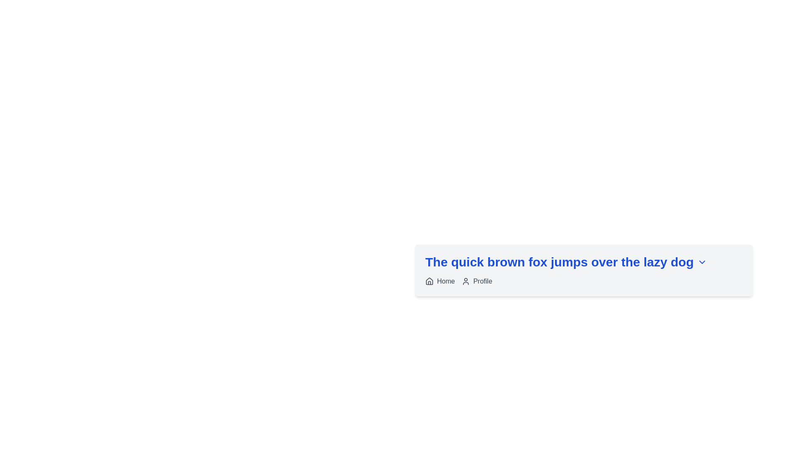  What do you see at coordinates (440, 281) in the screenshot?
I see `the 'Home' label in the interactive navigation bar, which consists of a house icon followed by the text 'Home'` at bounding box center [440, 281].